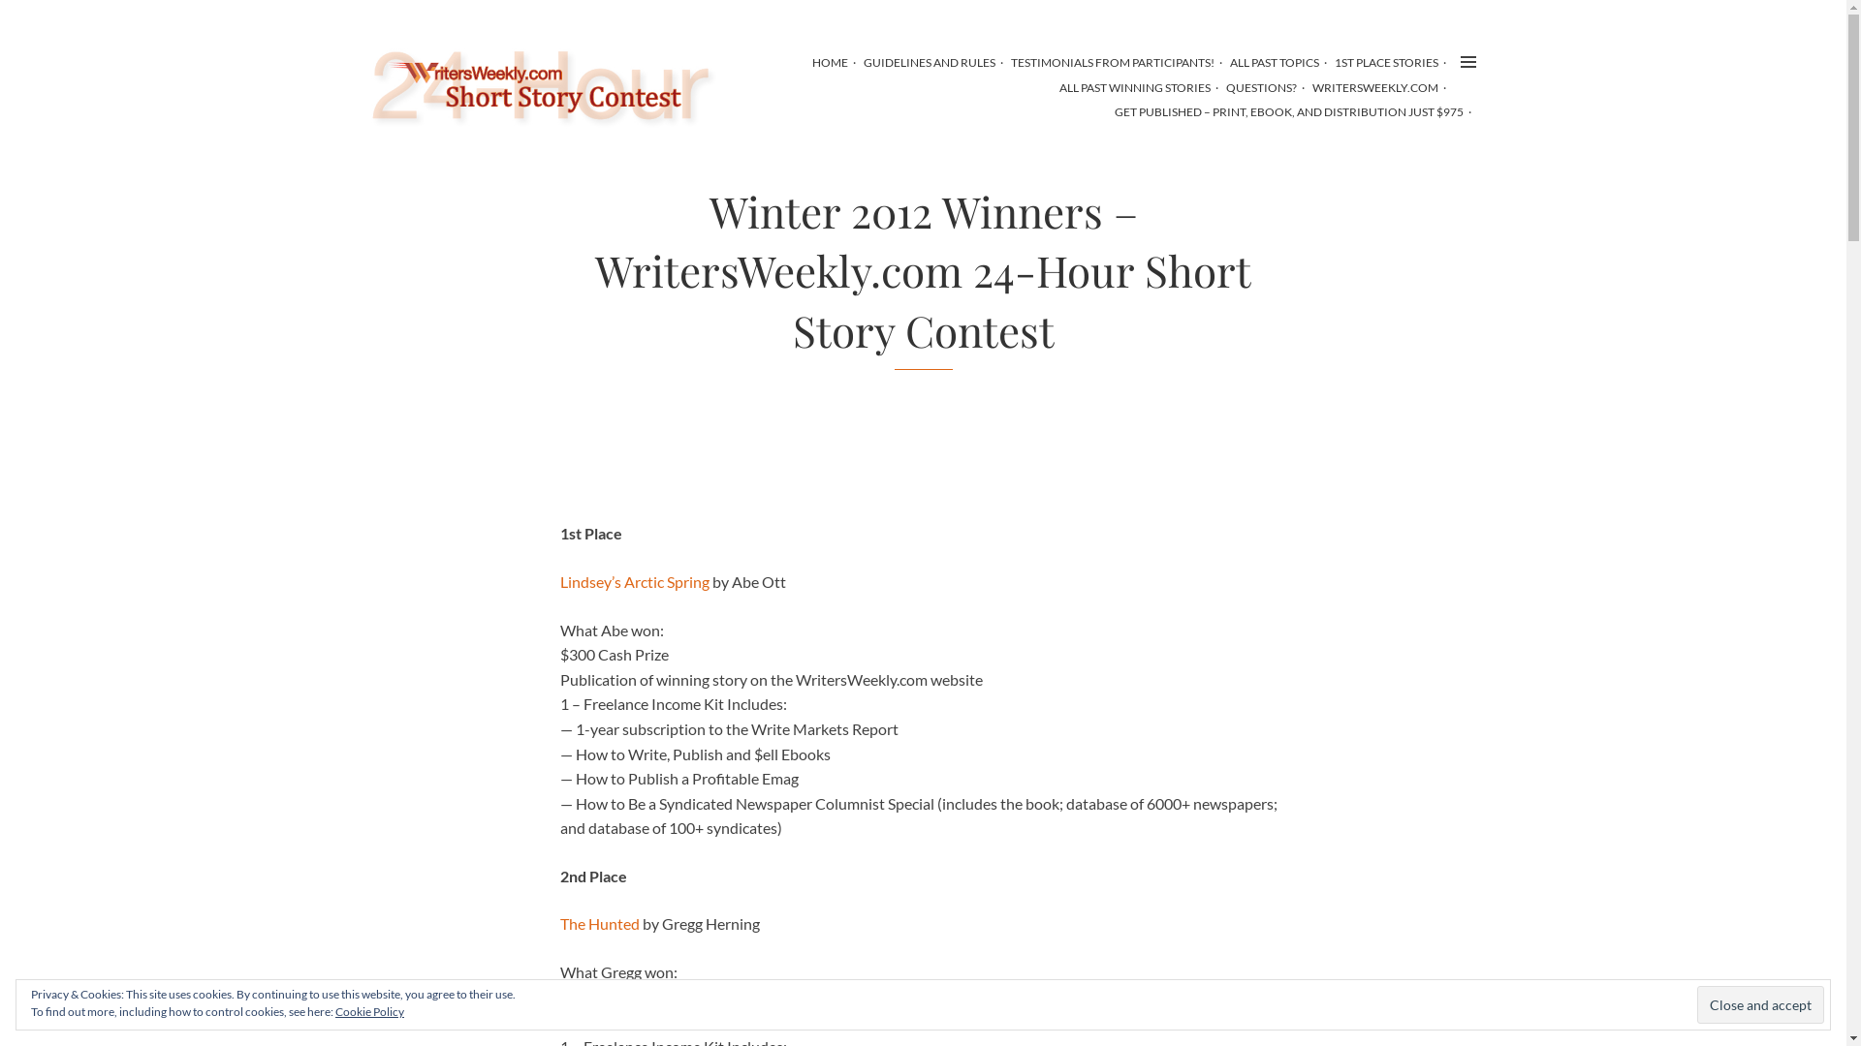  What do you see at coordinates (1384, 61) in the screenshot?
I see `'1ST PLACE STORIES'` at bounding box center [1384, 61].